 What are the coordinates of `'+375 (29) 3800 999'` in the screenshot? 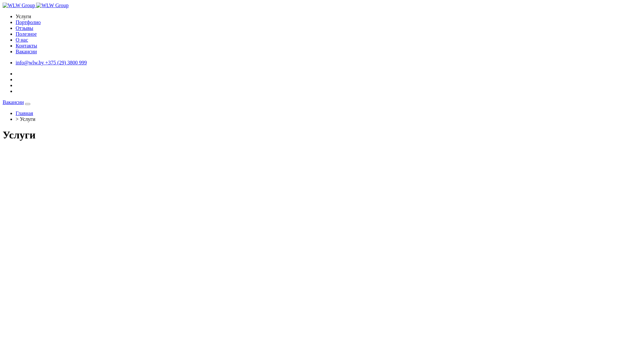 It's located at (66, 62).